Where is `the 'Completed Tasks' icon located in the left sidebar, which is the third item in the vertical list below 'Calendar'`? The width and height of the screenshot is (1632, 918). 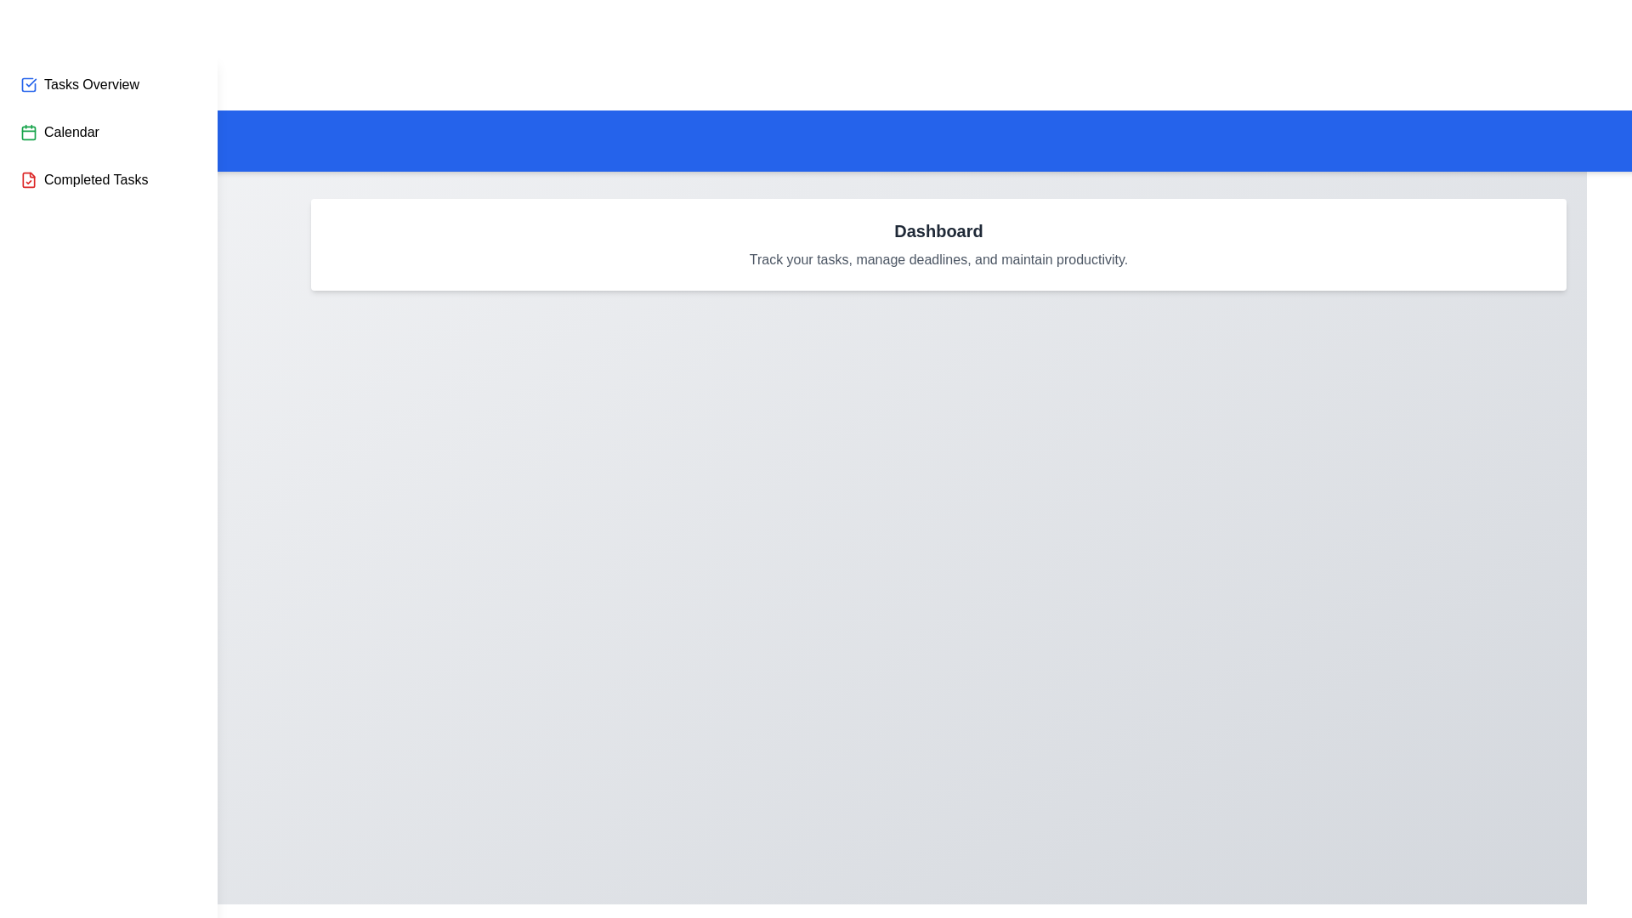 the 'Completed Tasks' icon located in the left sidebar, which is the third item in the vertical list below 'Calendar' is located at coordinates (28, 180).